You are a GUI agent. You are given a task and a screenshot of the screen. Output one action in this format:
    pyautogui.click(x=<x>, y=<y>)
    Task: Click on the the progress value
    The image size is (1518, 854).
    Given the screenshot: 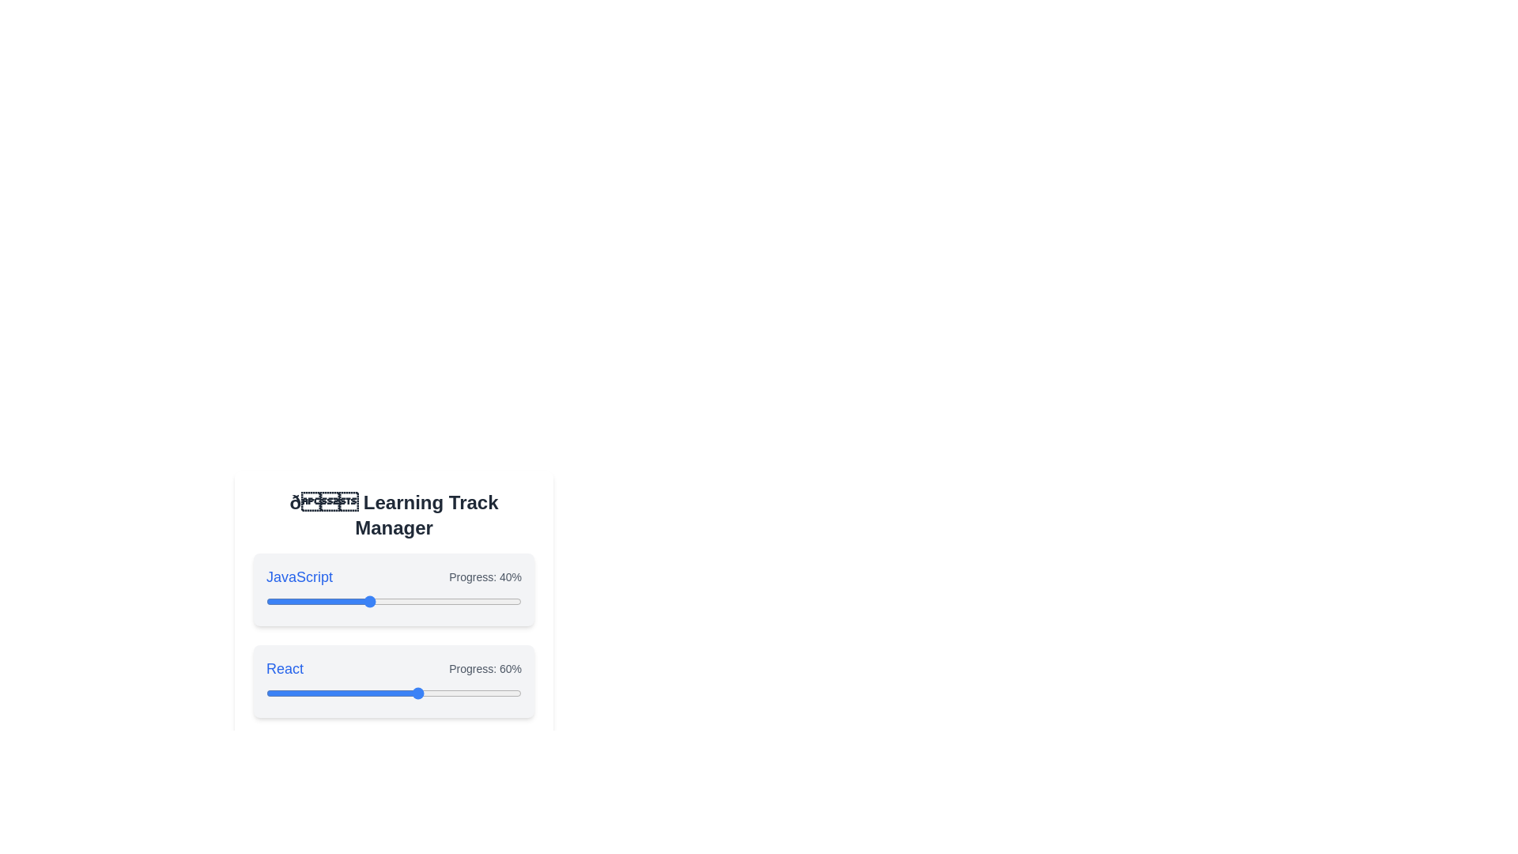 What is the action you would take?
    pyautogui.click(x=472, y=692)
    